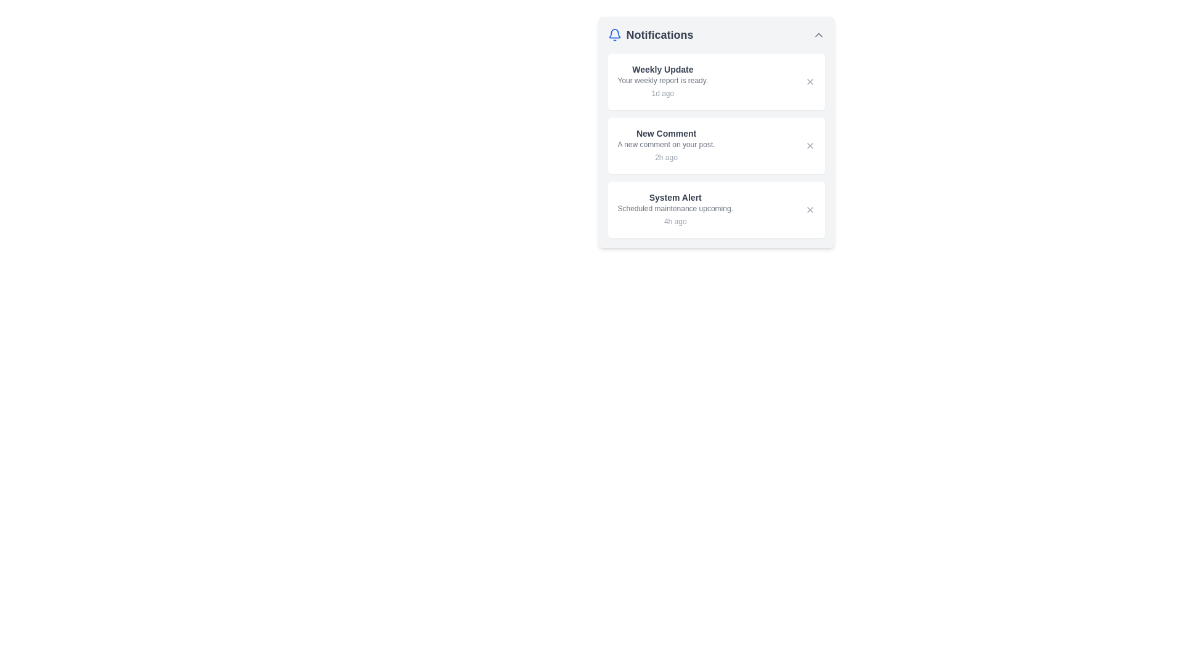 The height and width of the screenshot is (665, 1183). Describe the element at coordinates (810, 81) in the screenshot. I see `the close or cancel icon button located at the top right corner of the 'Weekly Update' notification card to trigger the color change` at that location.